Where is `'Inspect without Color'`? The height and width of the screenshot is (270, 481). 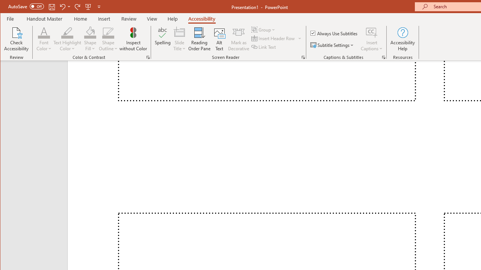 'Inspect without Color' is located at coordinates (133, 39).